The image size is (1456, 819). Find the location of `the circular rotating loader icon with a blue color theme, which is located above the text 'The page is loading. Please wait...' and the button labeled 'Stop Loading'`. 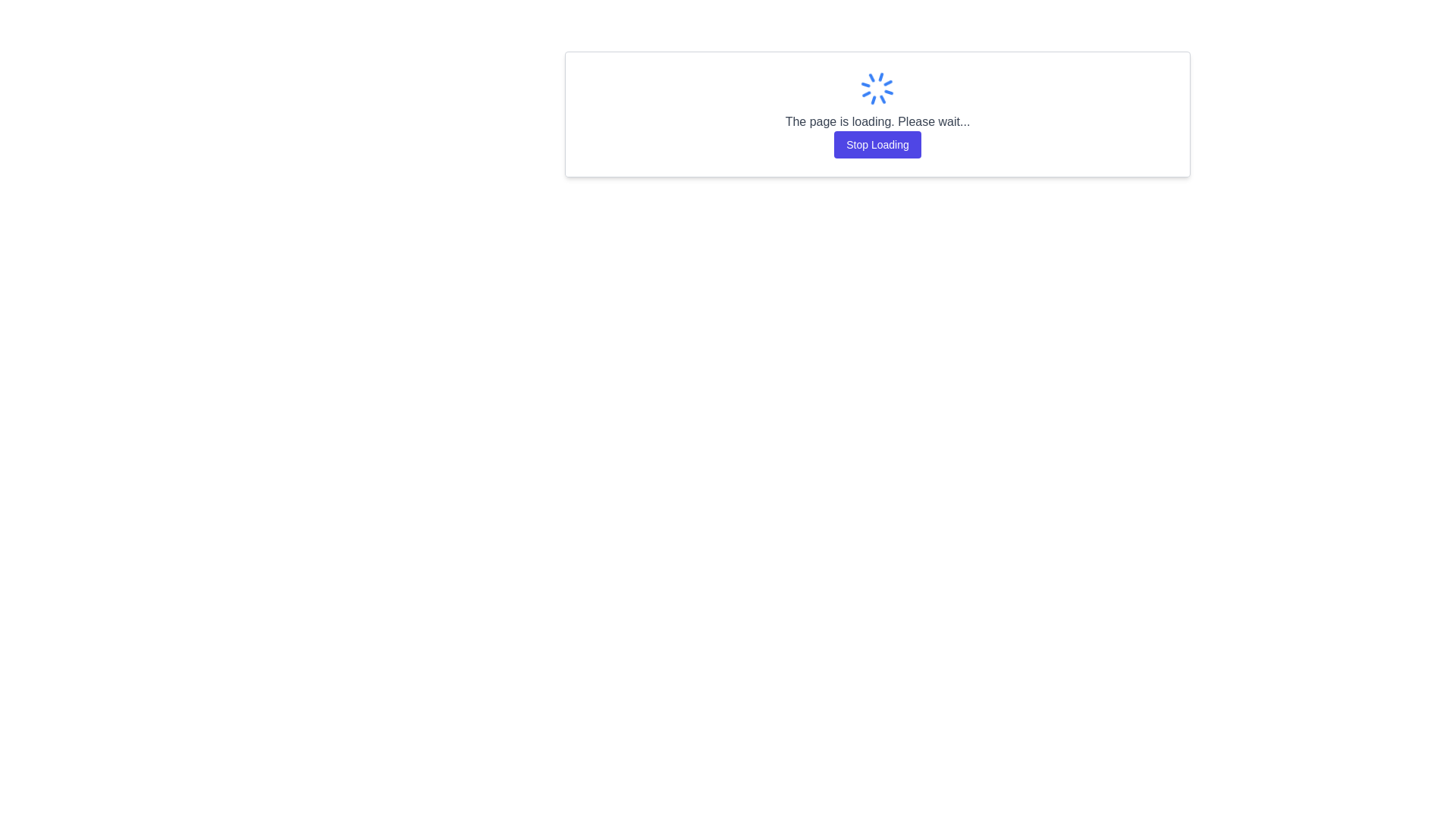

the circular rotating loader icon with a blue color theme, which is located above the text 'The page is loading. Please wait...' and the button labeled 'Stop Loading' is located at coordinates (877, 88).